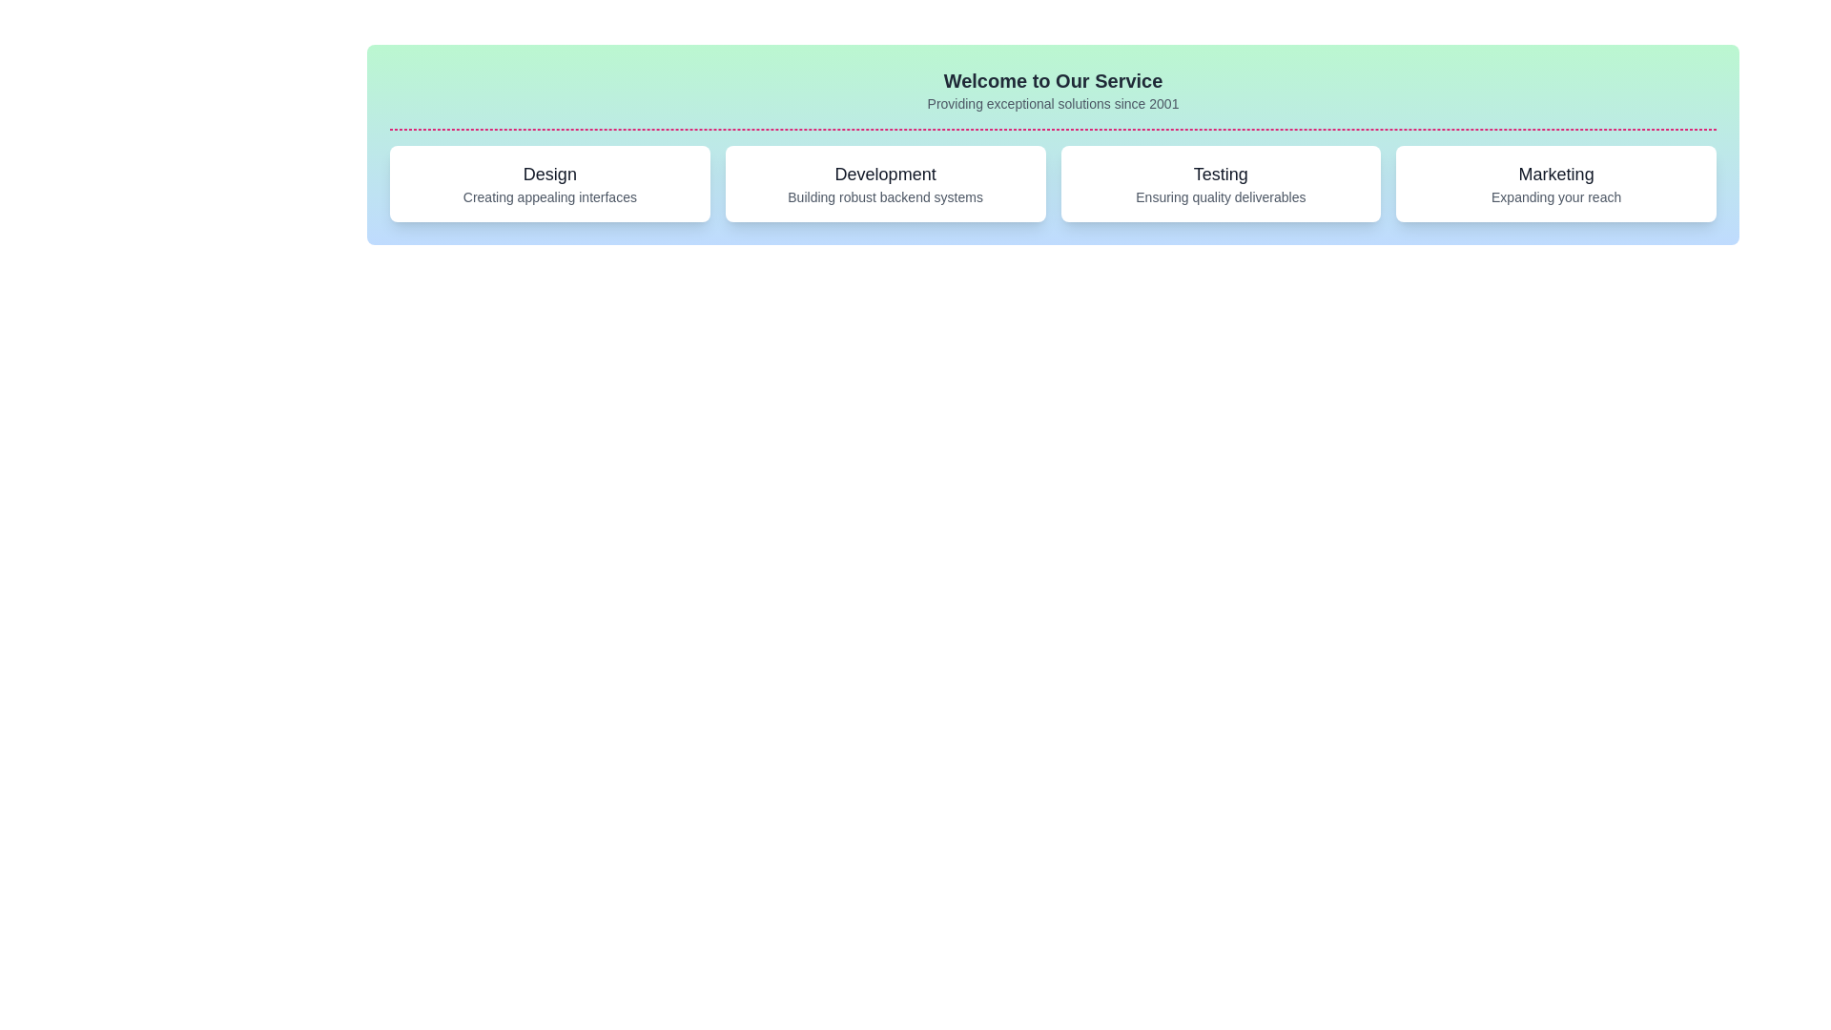 The width and height of the screenshot is (1831, 1030). I want to click on the 'Marketing' heading text in the rightmost card, so click(1556, 174).